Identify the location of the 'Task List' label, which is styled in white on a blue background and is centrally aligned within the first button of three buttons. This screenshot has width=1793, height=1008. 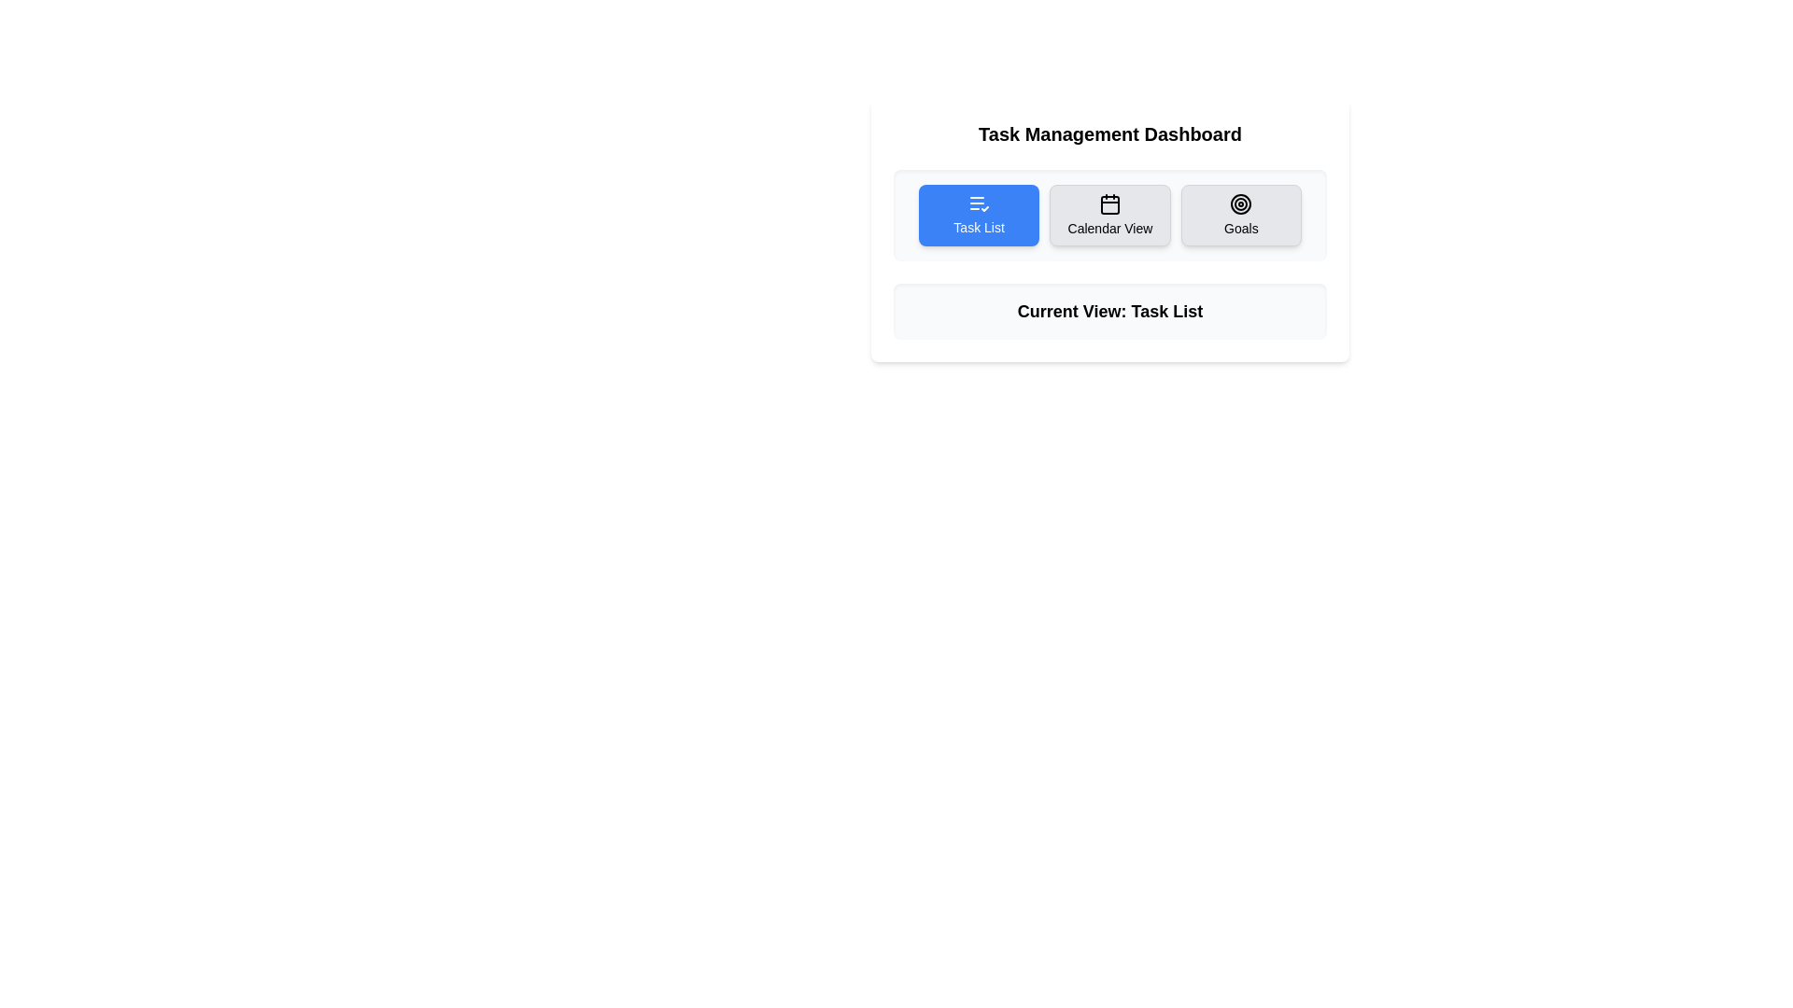
(978, 226).